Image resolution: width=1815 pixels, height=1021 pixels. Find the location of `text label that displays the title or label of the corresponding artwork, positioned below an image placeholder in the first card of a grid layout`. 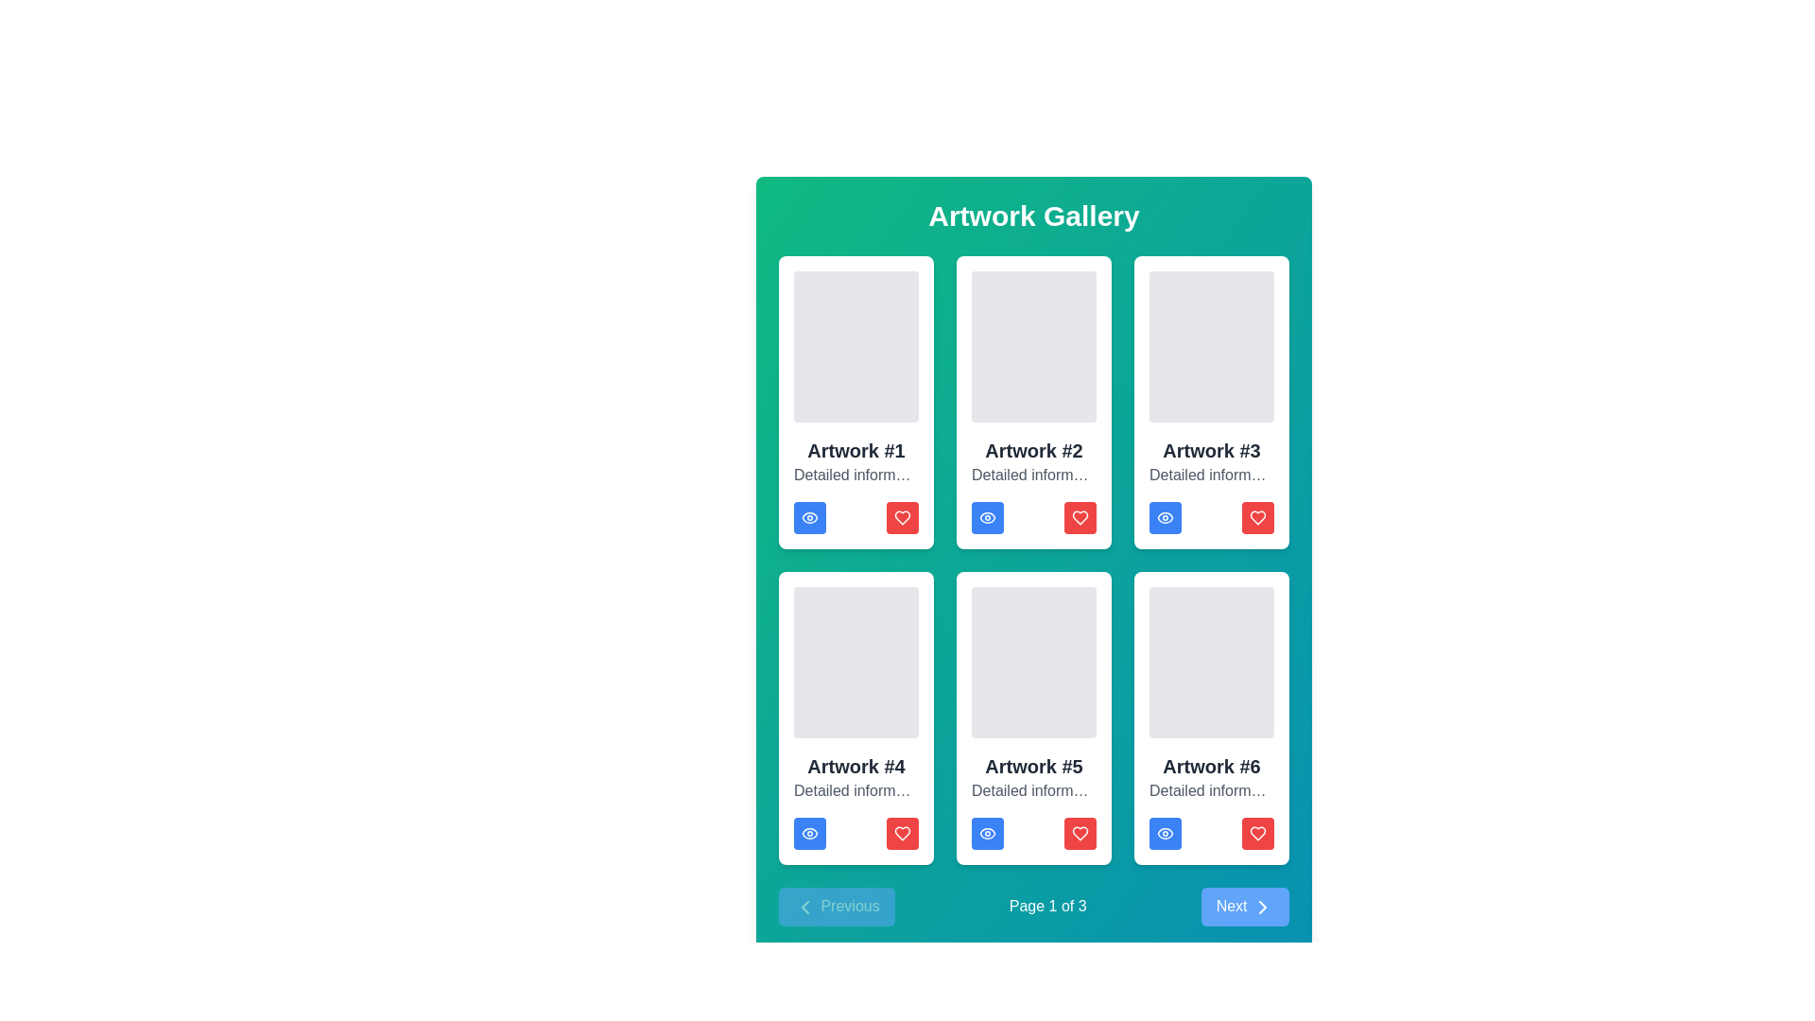

text label that displays the title or label of the corresponding artwork, positioned below an image placeholder in the first card of a grid layout is located at coordinates (856, 451).